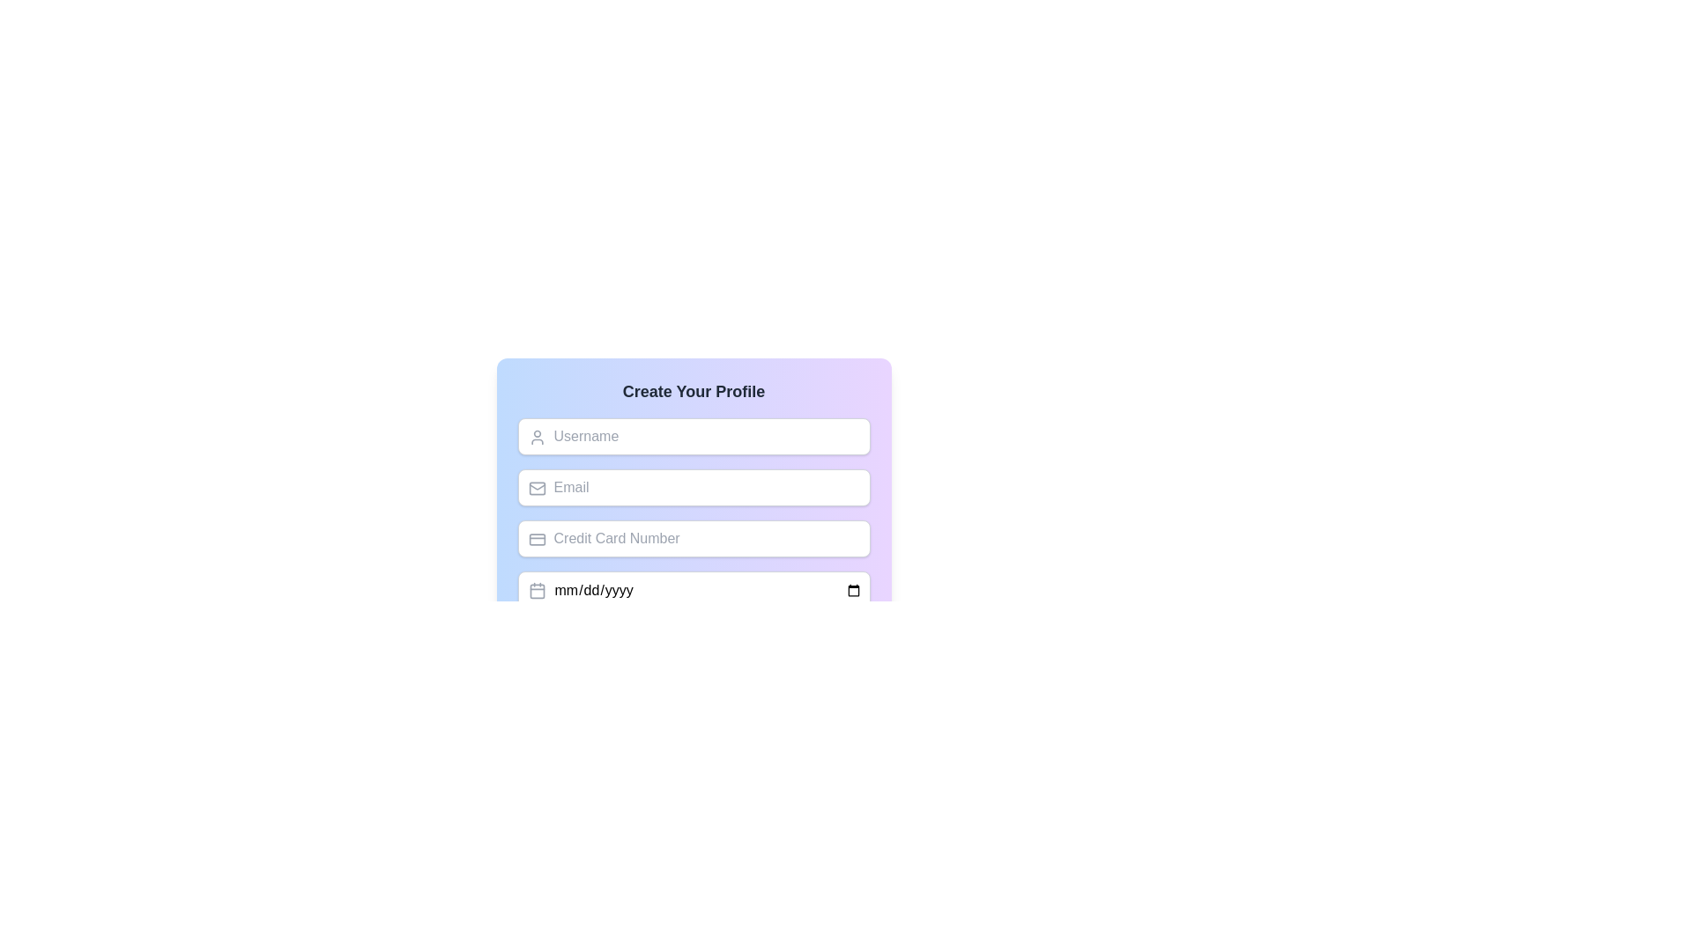 The image size is (1692, 951). I want to click on the decorative and functional icon indicating the purpose of the adjacent email input field, located in the upper-left area of the field, so click(536, 489).